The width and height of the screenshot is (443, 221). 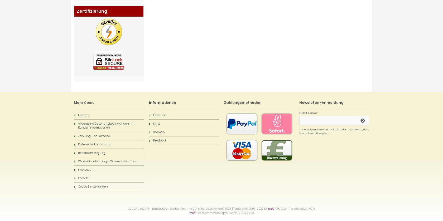 I want to click on 'Feedback', so click(x=160, y=140).